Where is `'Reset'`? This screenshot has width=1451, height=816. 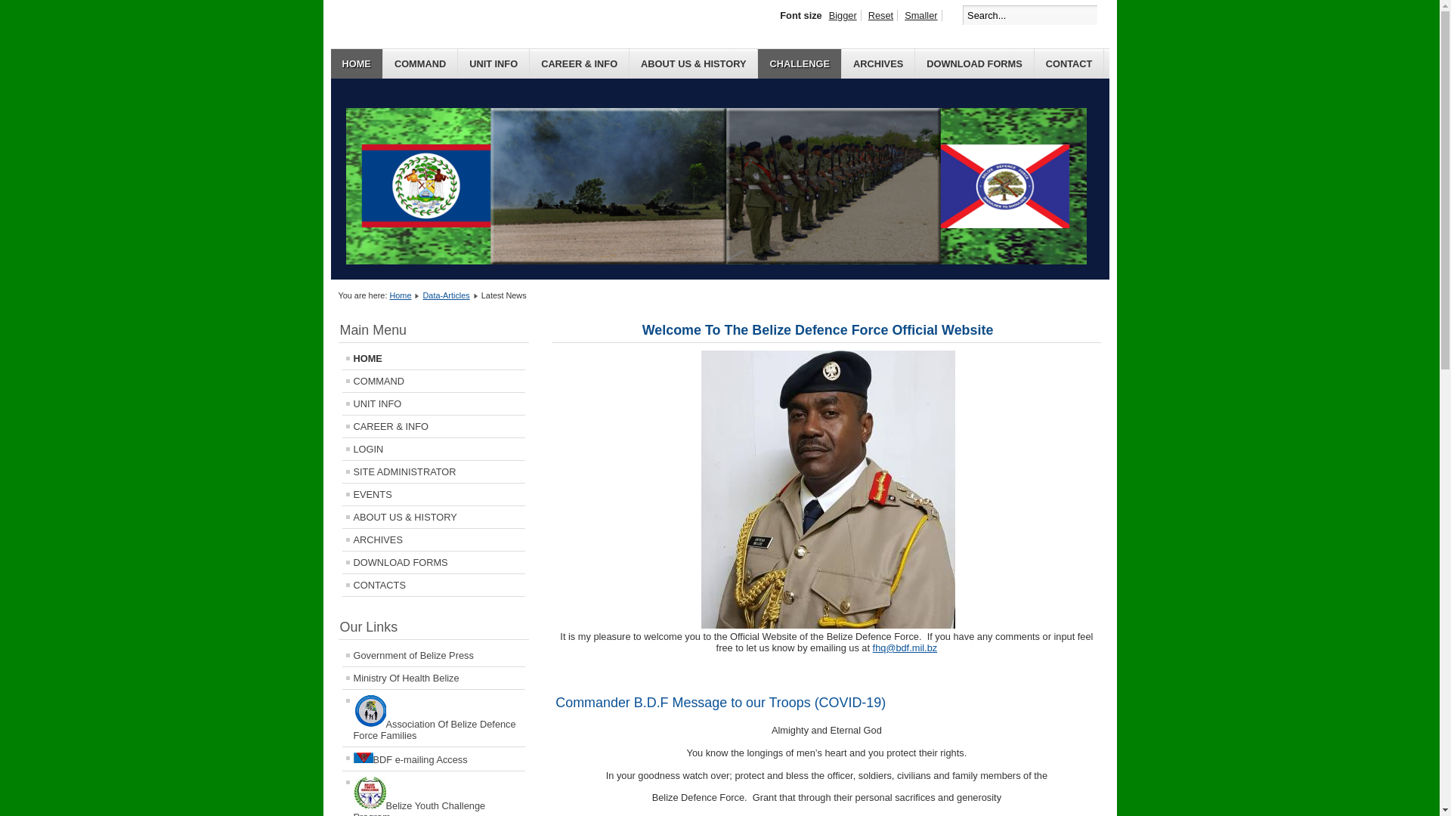 'Reset' is located at coordinates (864, 15).